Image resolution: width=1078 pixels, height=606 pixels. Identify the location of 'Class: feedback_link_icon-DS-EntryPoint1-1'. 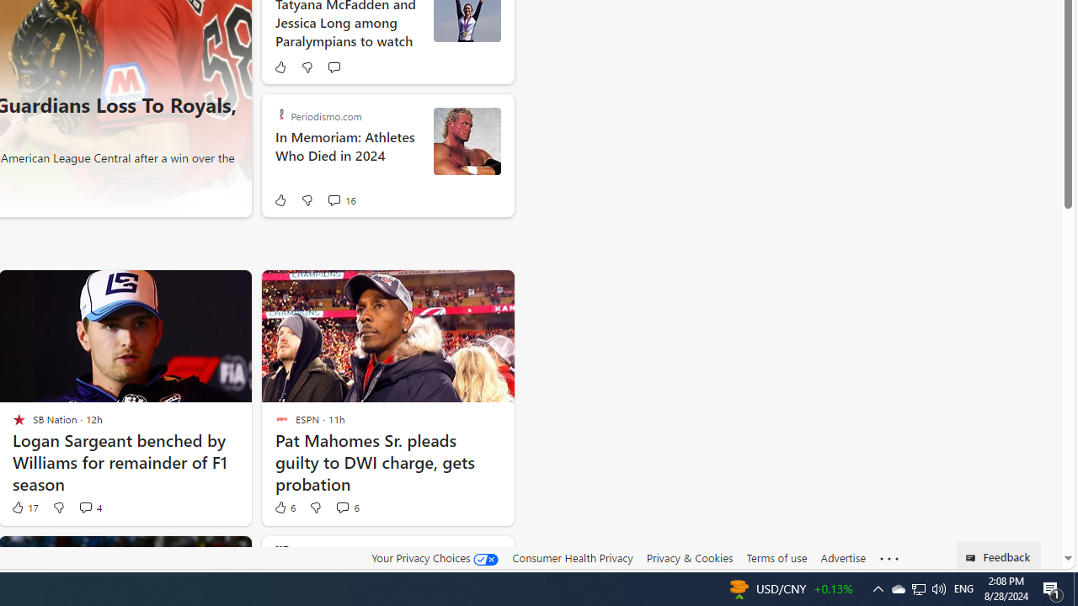
(974, 558).